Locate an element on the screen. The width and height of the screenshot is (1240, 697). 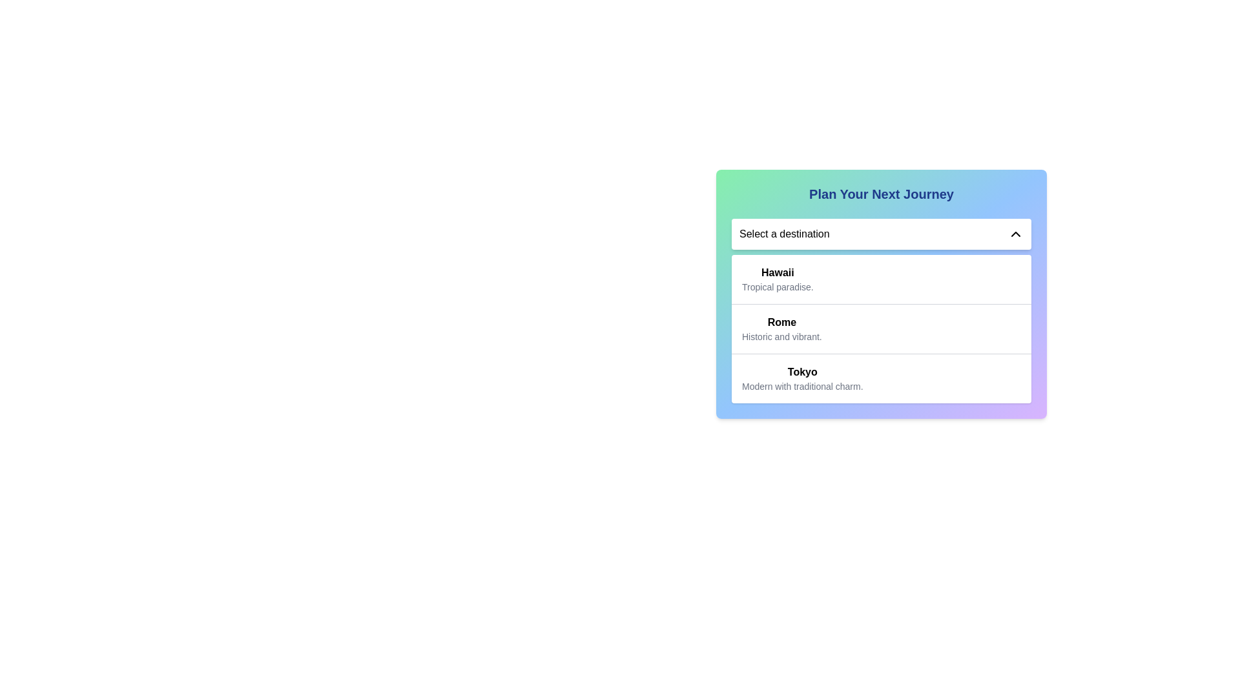
the chevron arrow icon button that indicates the dropdown menu's current state is located at coordinates (1015, 234).